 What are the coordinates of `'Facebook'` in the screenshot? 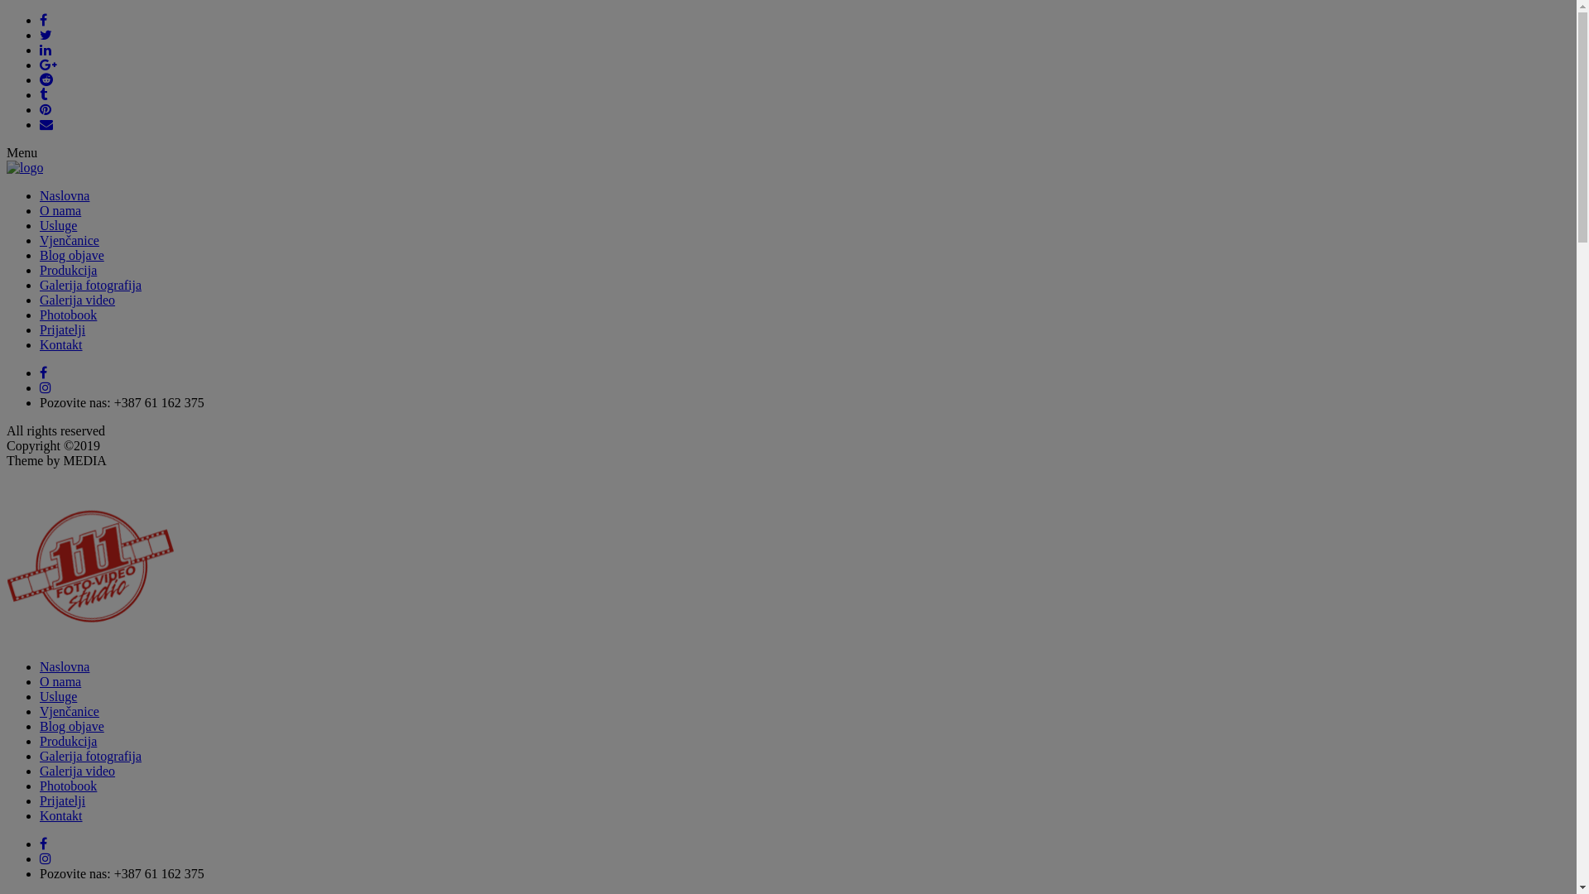 It's located at (40, 844).